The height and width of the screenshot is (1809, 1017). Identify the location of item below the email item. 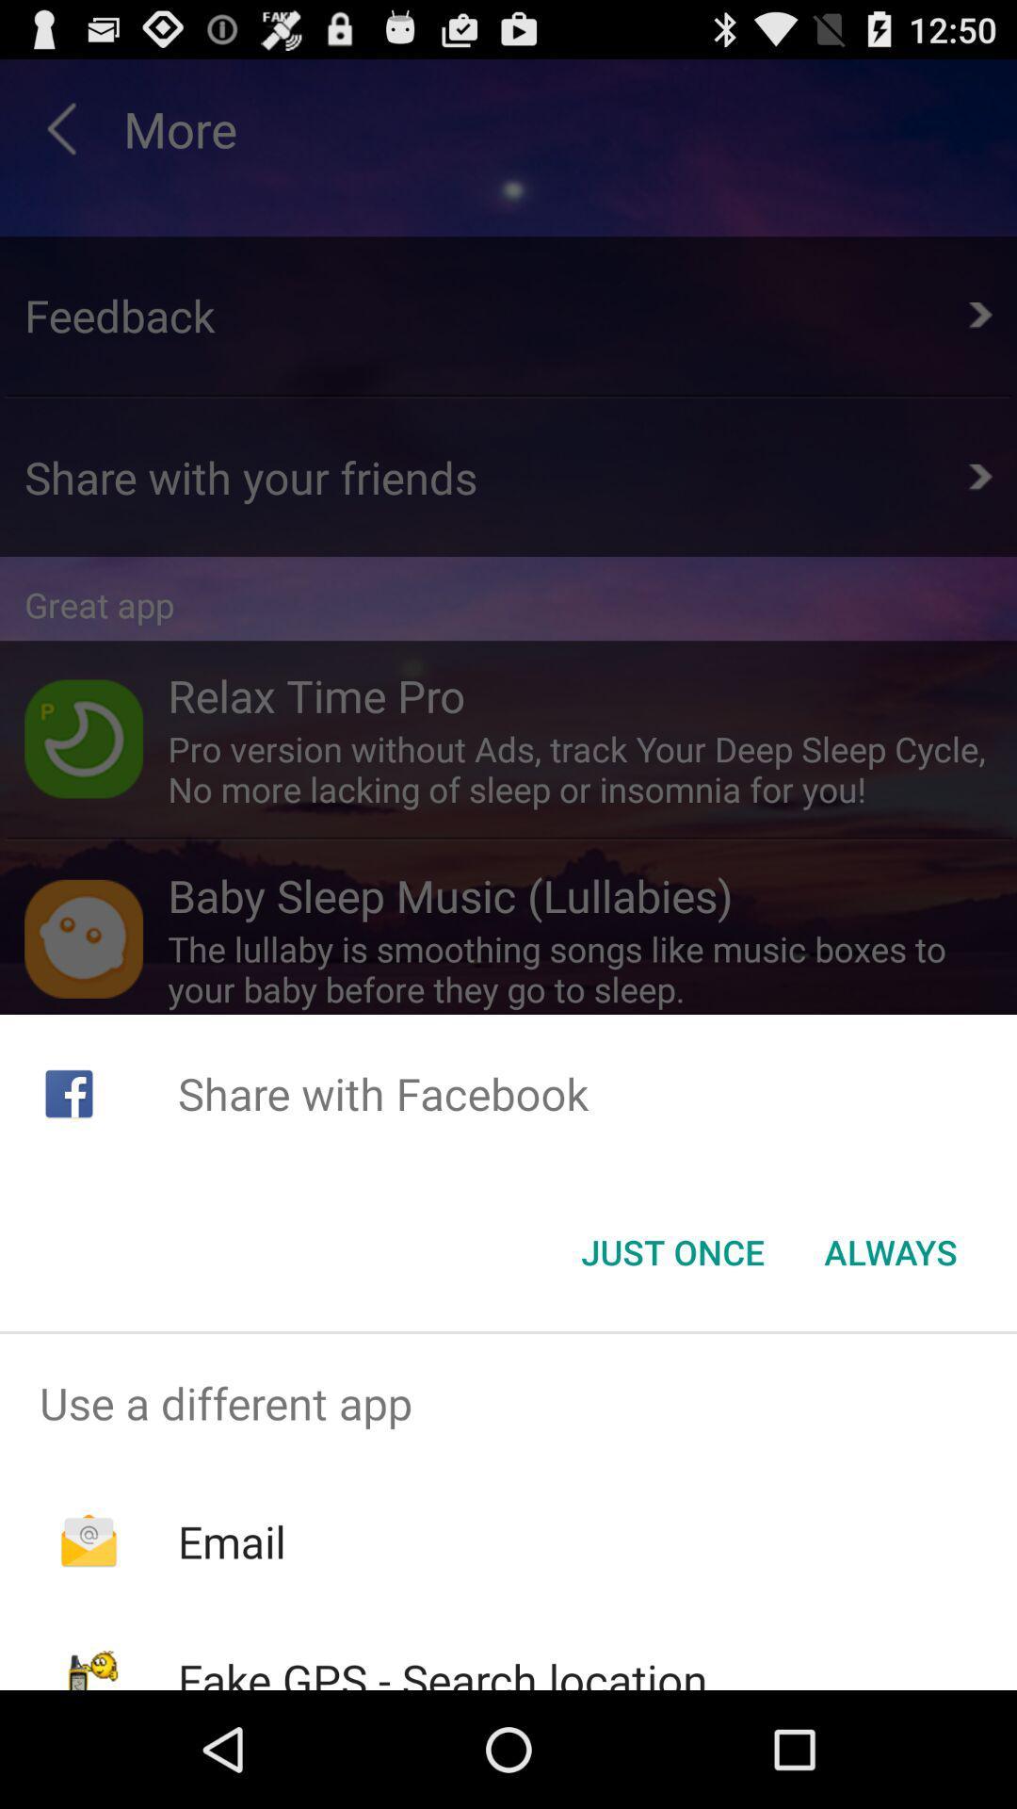
(443, 1670).